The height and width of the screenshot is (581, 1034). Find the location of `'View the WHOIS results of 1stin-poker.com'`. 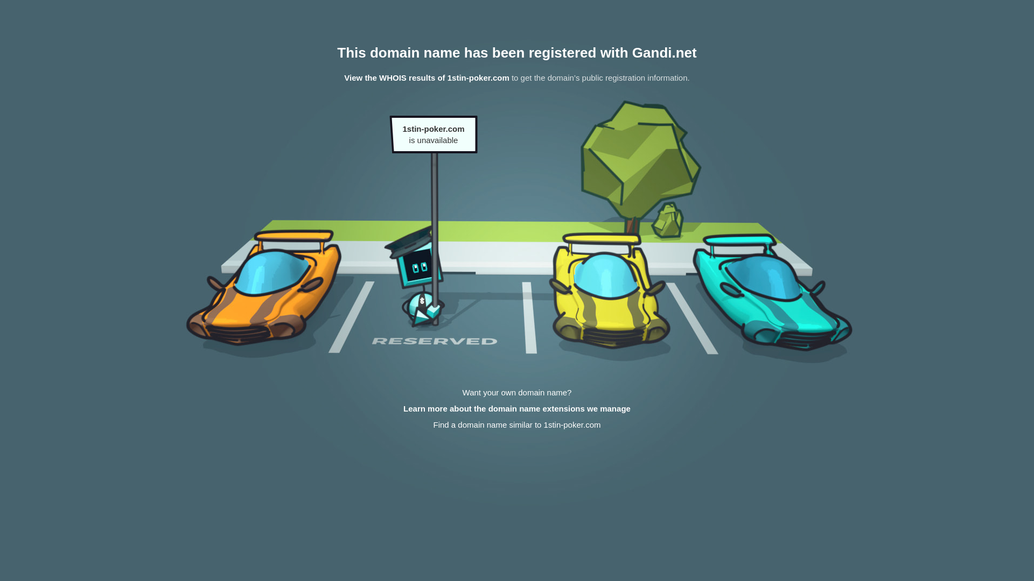

'View the WHOIS results of 1stin-poker.com' is located at coordinates (426, 77).